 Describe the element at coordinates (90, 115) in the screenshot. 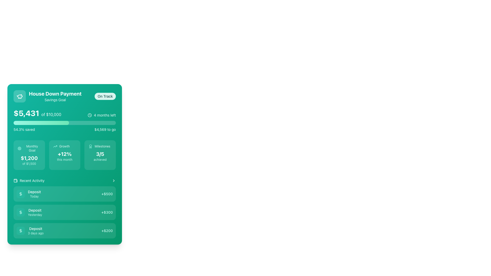

I see `the SVG Circle element that is part of the clock icon, located within the 'House Down Payment' card, above the progress bar and next to the '4 months left' text` at that location.